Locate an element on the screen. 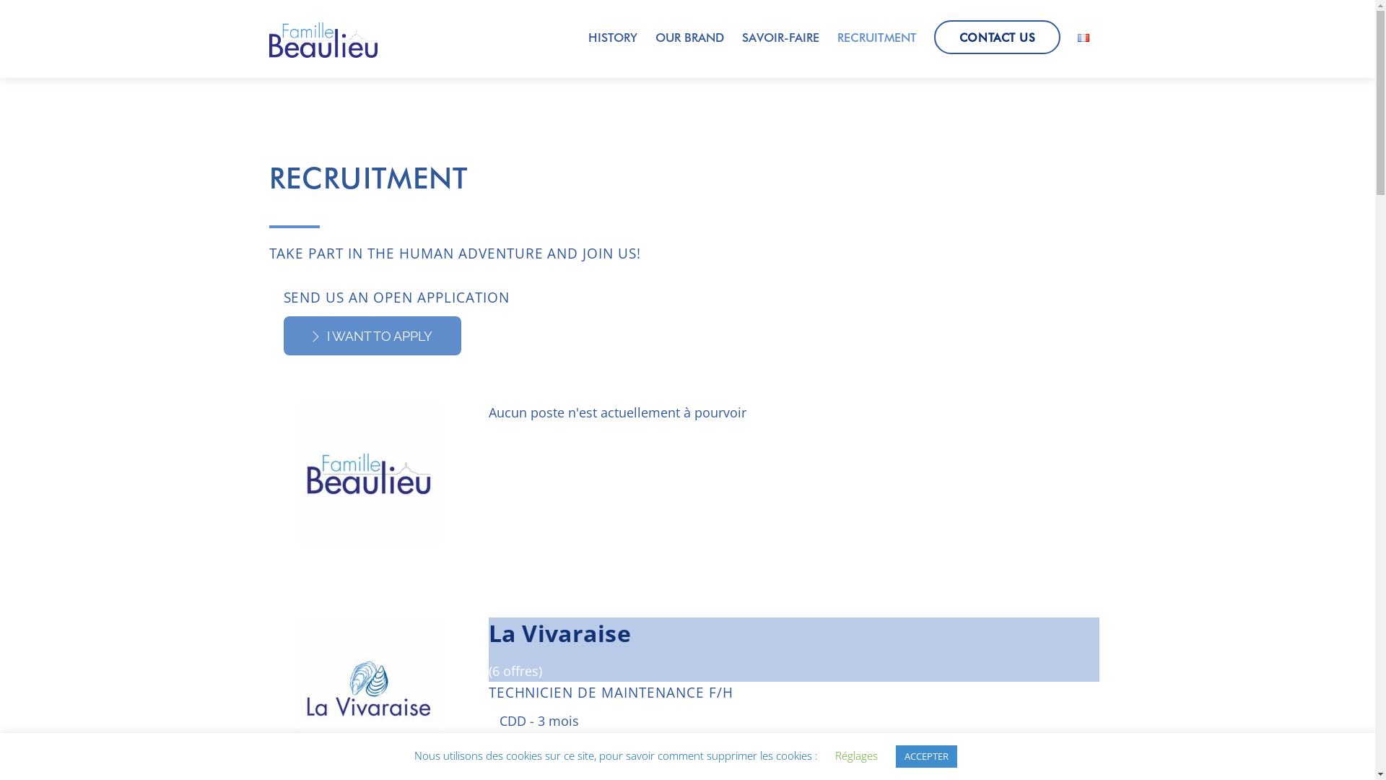 The image size is (1386, 780). 'HISTORY' is located at coordinates (613, 37).